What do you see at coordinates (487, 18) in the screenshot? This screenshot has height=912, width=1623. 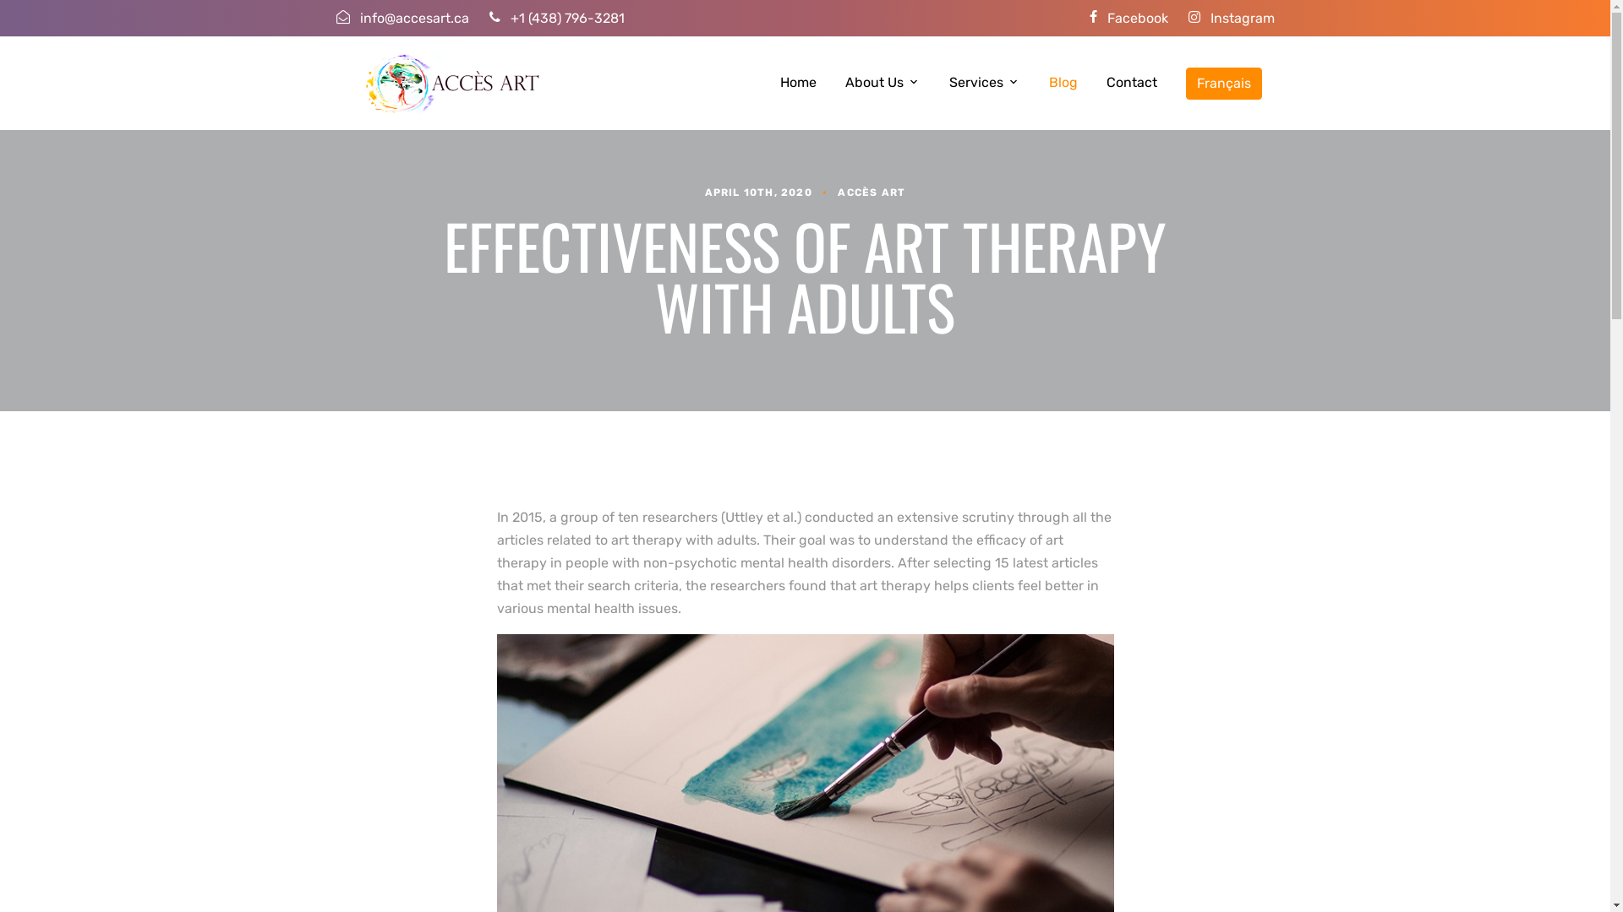 I see `'+1 (438) 796-3281'` at bounding box center [487, 18].